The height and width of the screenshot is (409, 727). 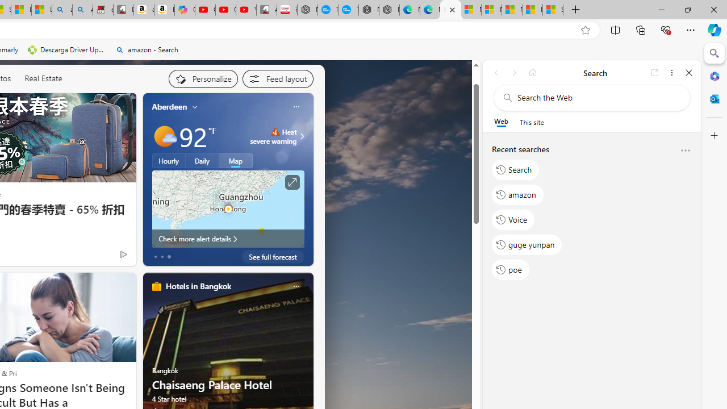 What do you see at coordinates (513, 219) in the screenshot?
I see `'Voice'` at bounding box center [513, 219].